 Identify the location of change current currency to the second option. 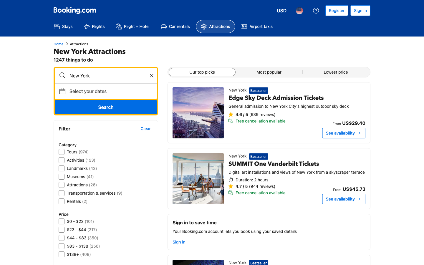
(281, 10).